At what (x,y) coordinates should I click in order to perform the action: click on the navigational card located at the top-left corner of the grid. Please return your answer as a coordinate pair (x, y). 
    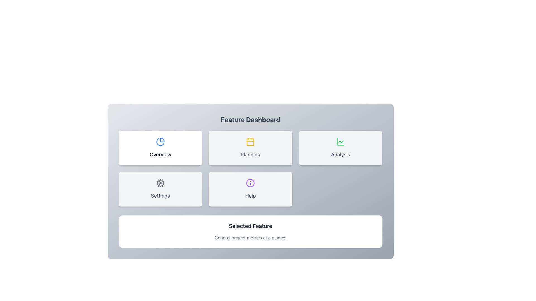
    Looking at the image, I should click on (160, 148).